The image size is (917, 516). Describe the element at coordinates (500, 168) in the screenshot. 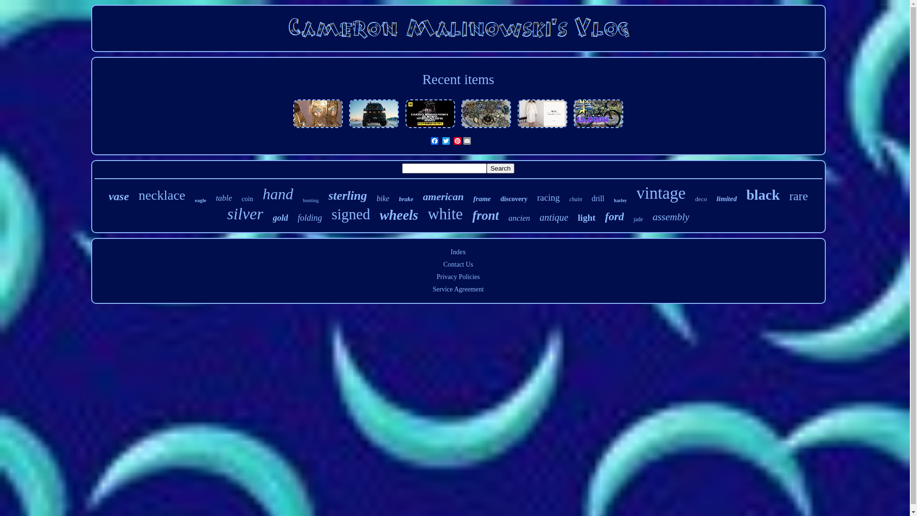

I see `'Search'` at that location.